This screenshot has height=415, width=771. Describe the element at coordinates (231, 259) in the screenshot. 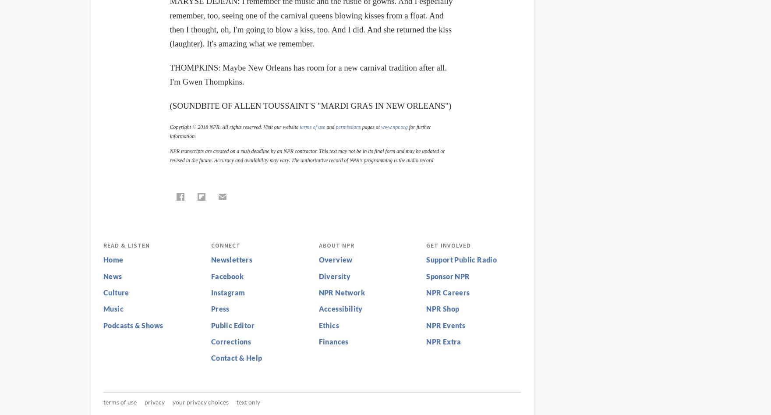

I see `'Newsletters'` at that location.